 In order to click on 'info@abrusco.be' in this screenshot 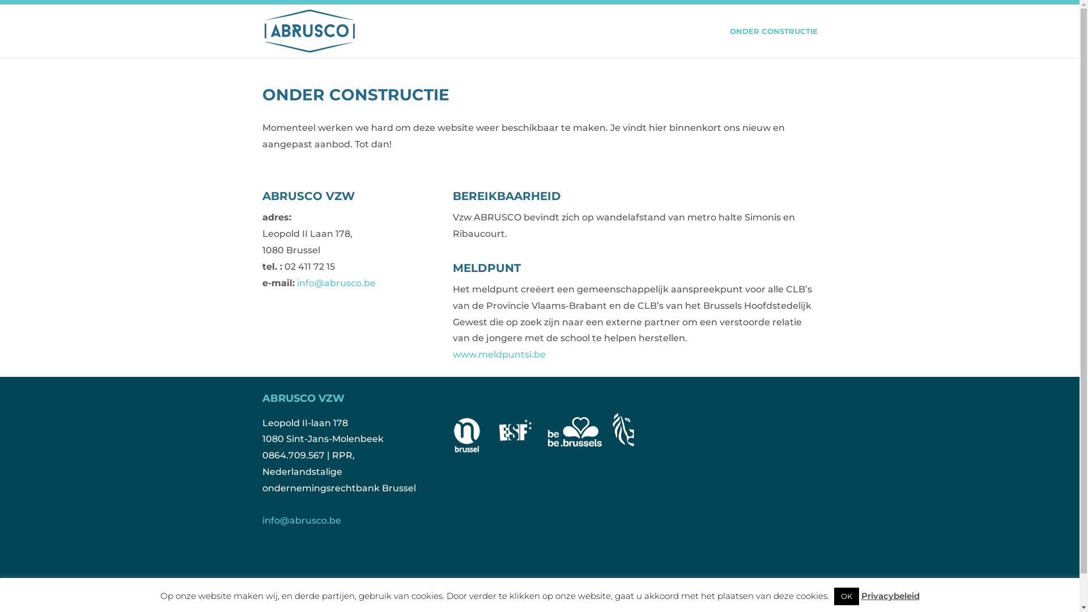, I will do `click(296, 282)`.